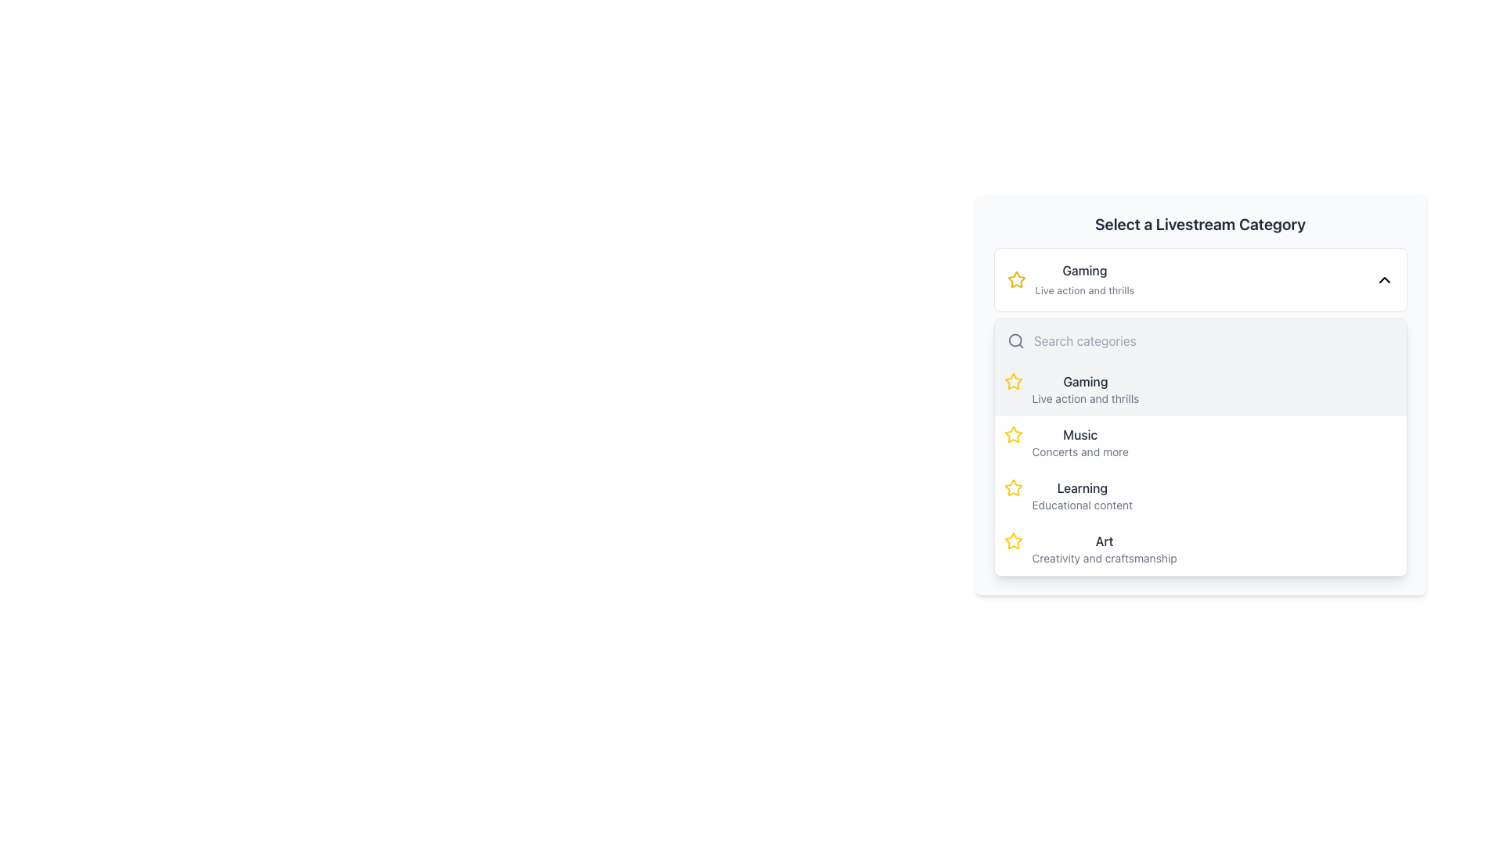 This screenshot has height=845, width=1503. What do you see at coordinates (1199, 443) in the screenshot?
I see `the 'Music' option in the dropdown menu of the 'Select a Livestream Category' section` at bounding box center [1199, 443].